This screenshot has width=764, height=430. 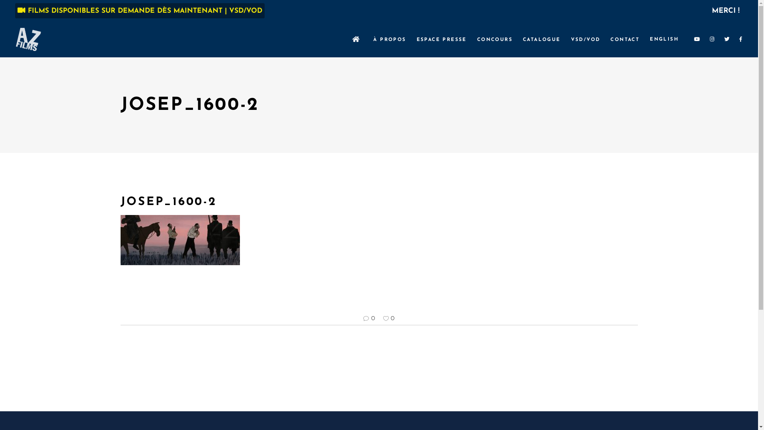 I want to click on 'VSD/VOD', so click(x=586, y=39).